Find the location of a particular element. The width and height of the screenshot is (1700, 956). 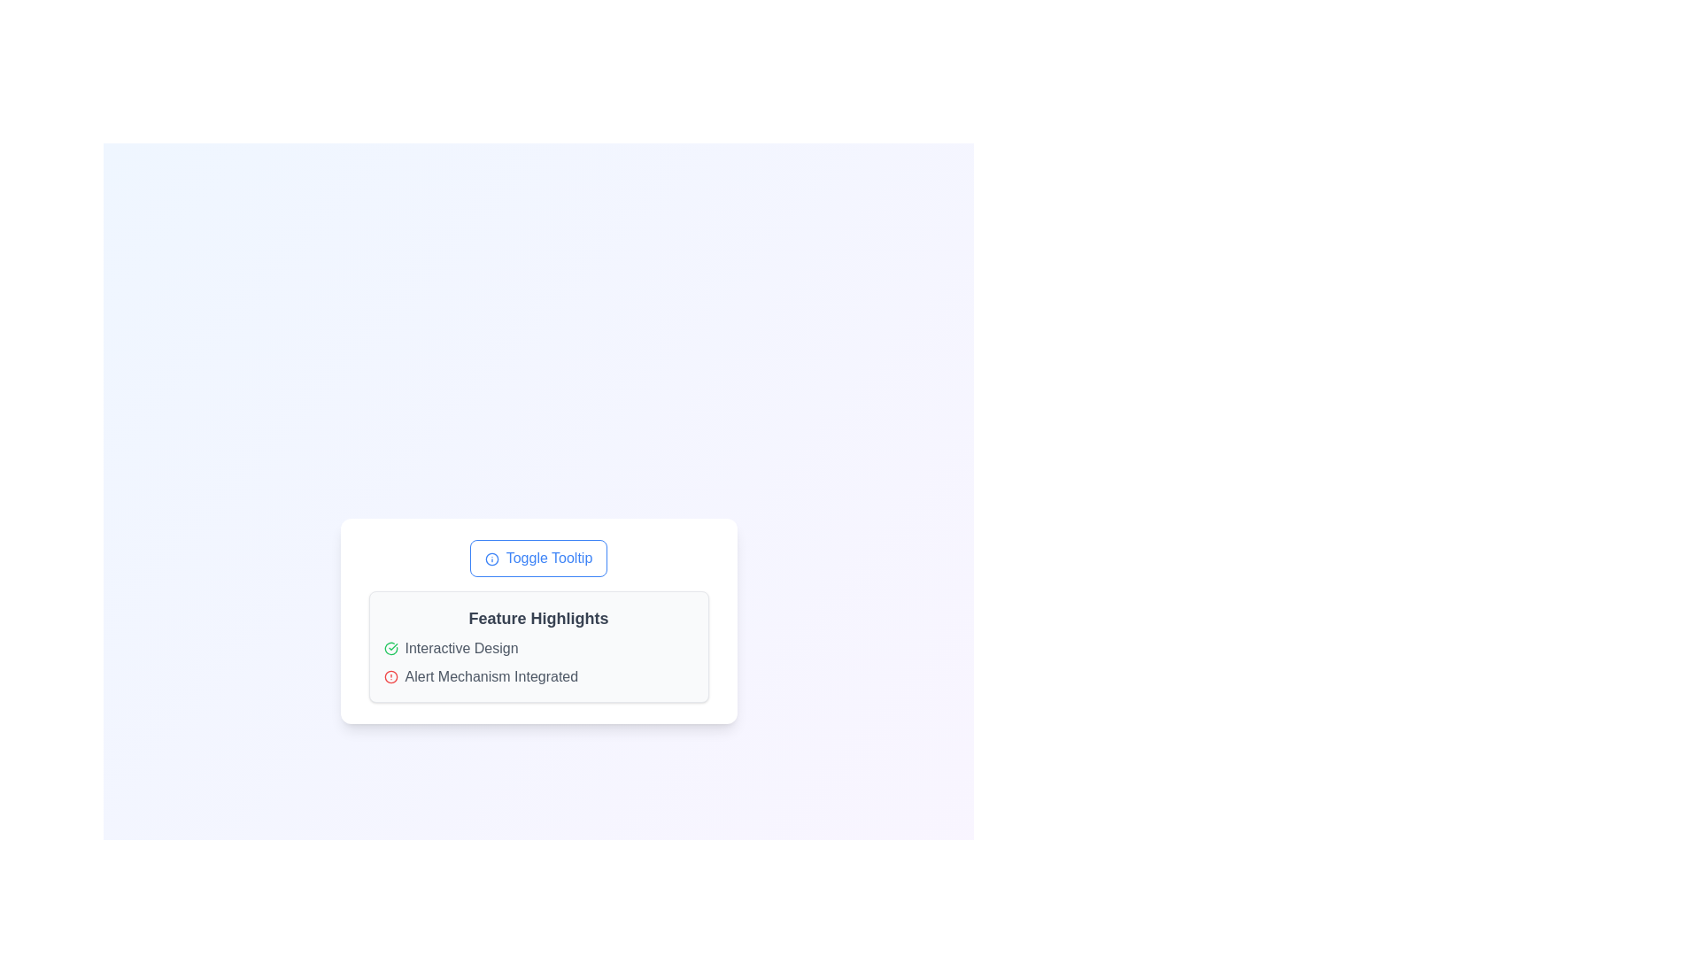

the red circular icon with an alert symbol located in the second row of the 'Feature Highlights' list, to the left of the 'Alert Mechanism Integrated' text is located at coordinates (390, 676).